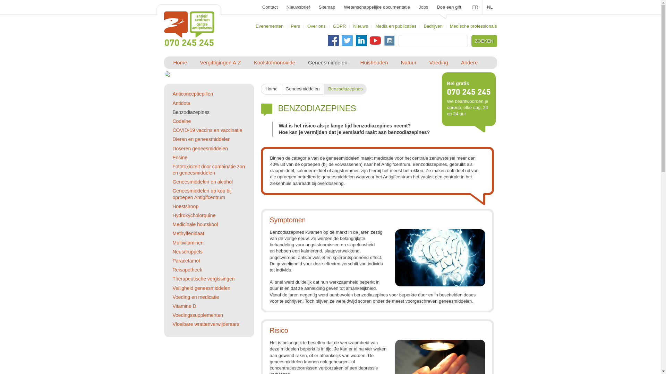  What do you see at coordinates (207, 130) in the screenshot?
I see `'COVID-19 vaccins en vaccinatie'` at bounding box center [207, 130].